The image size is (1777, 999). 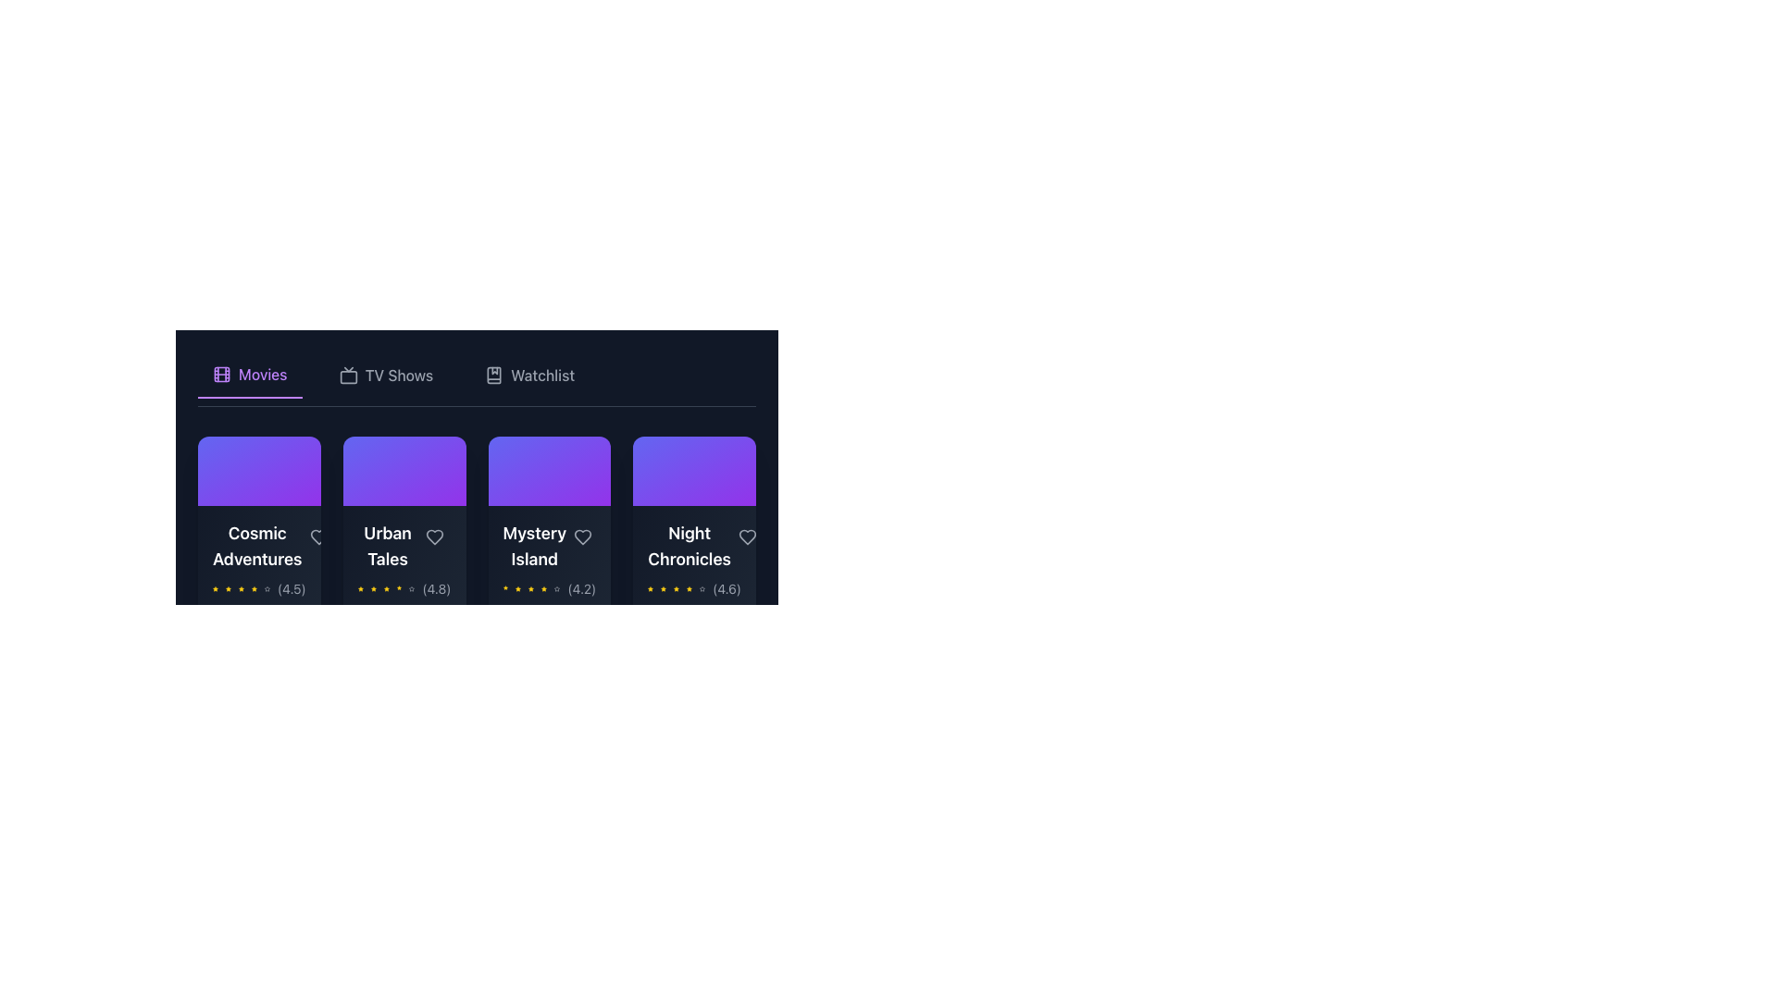 What do you see at coordinates (404, 591) in the screenshot?
I see `the Media display card located at the second position in a horizontal row, which displays information about a media item including its title, rating, and genre, to enlarge the card` at bounding box center [404, 591].